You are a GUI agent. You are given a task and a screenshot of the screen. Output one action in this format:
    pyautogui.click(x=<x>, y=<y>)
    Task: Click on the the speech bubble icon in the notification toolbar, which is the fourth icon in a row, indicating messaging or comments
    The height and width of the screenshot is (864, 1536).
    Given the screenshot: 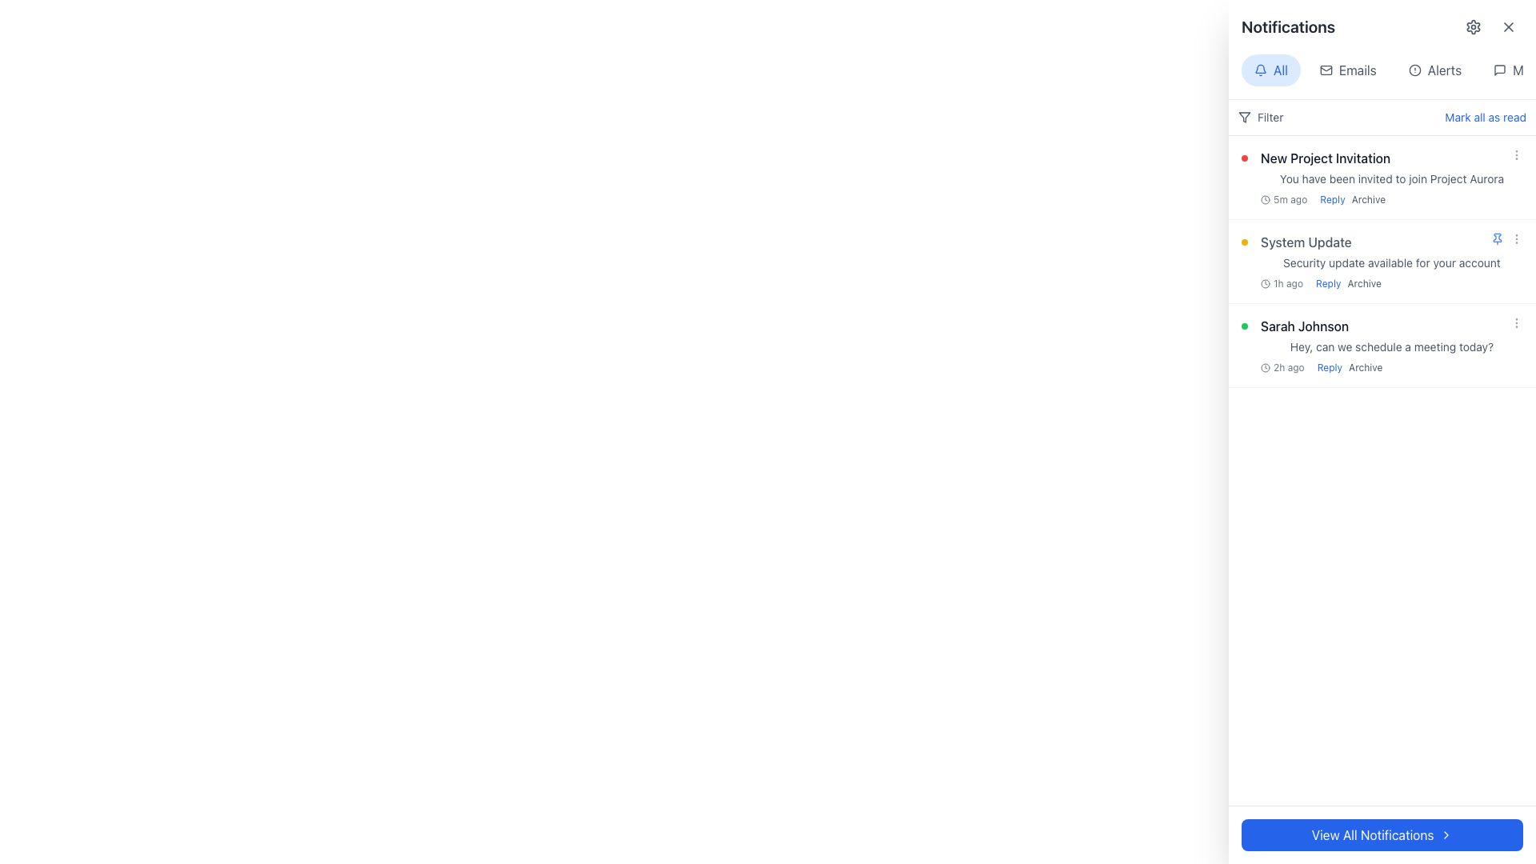 What is the action you would take?
    pyautogui.click(x=1499, y=70)
    